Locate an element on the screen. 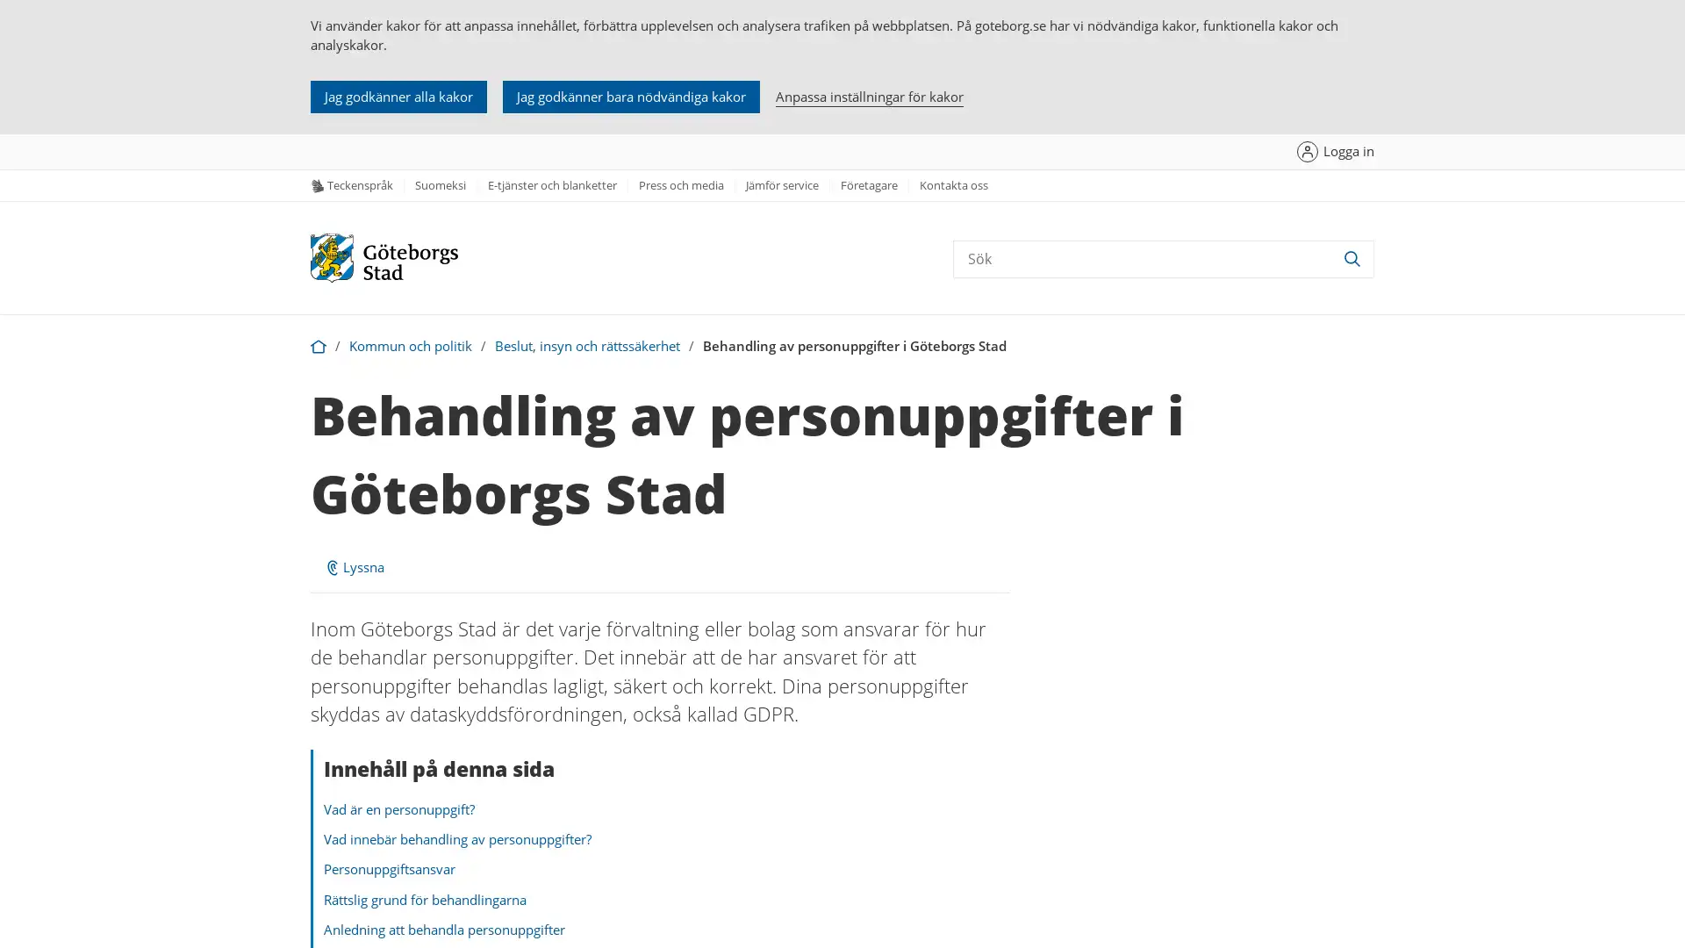 Image resolution: width=1685 pixels, height=948 pixels. ReadSpeaker webReader: Lyssna med webReader is located at coordinates (353, 566).